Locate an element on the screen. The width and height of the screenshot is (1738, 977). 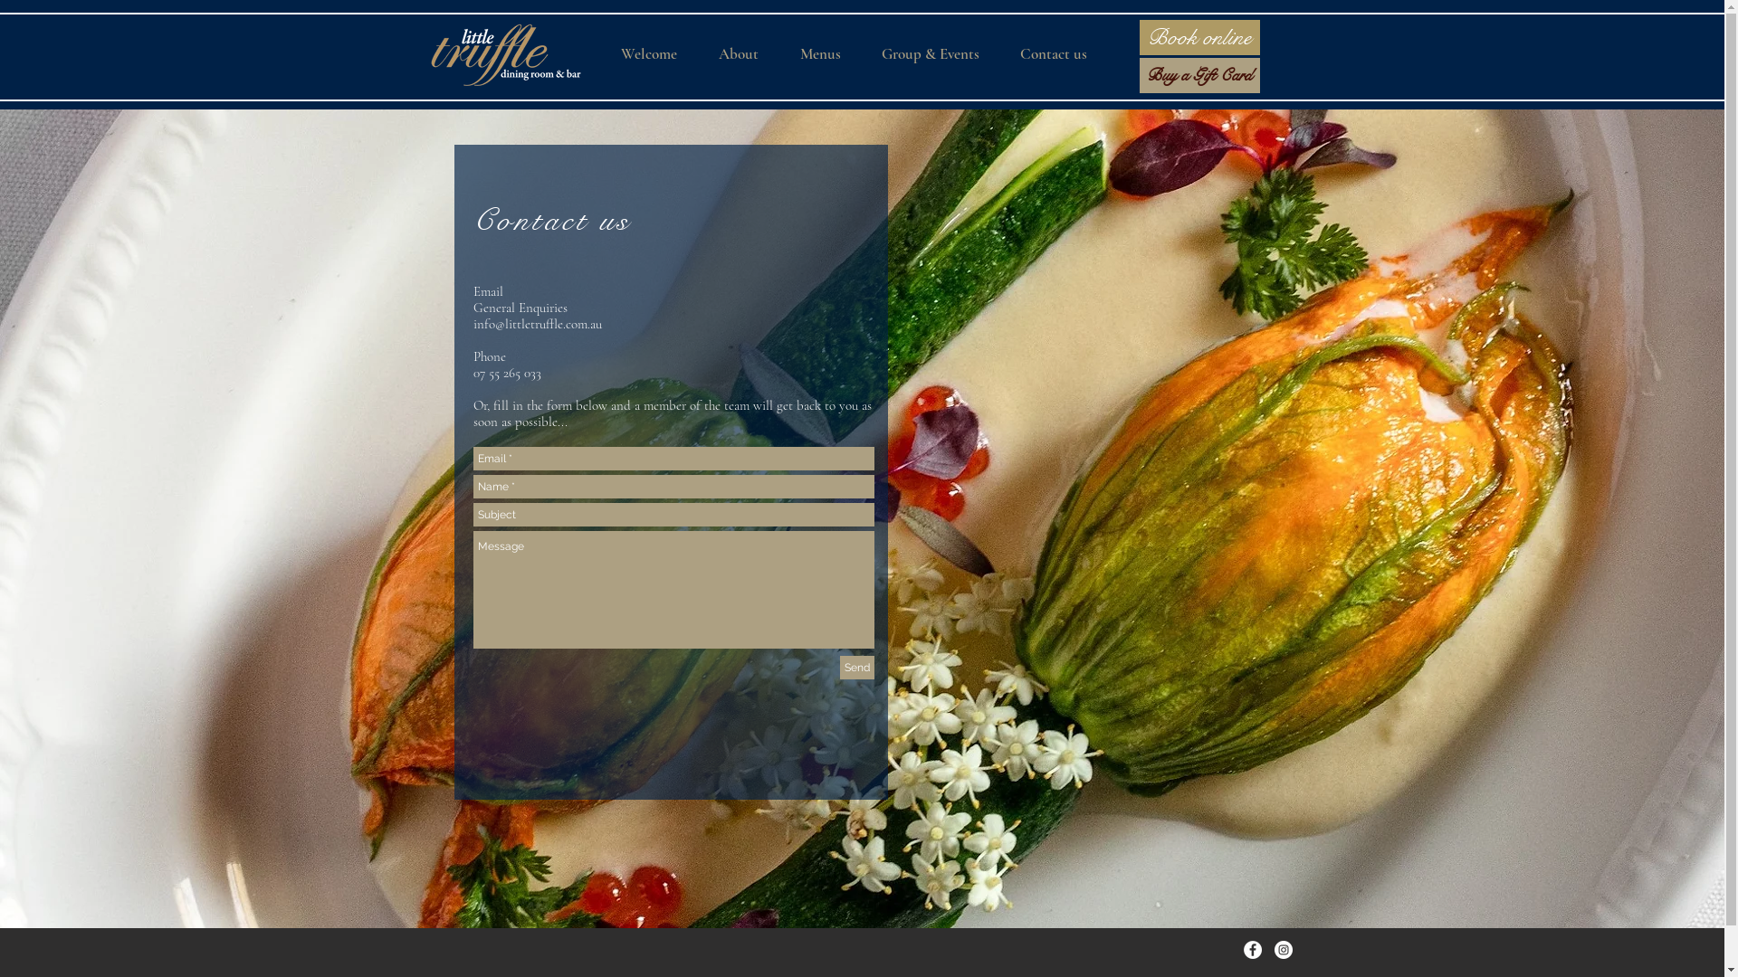
'Book online' is located at coordinates (1198, 37).